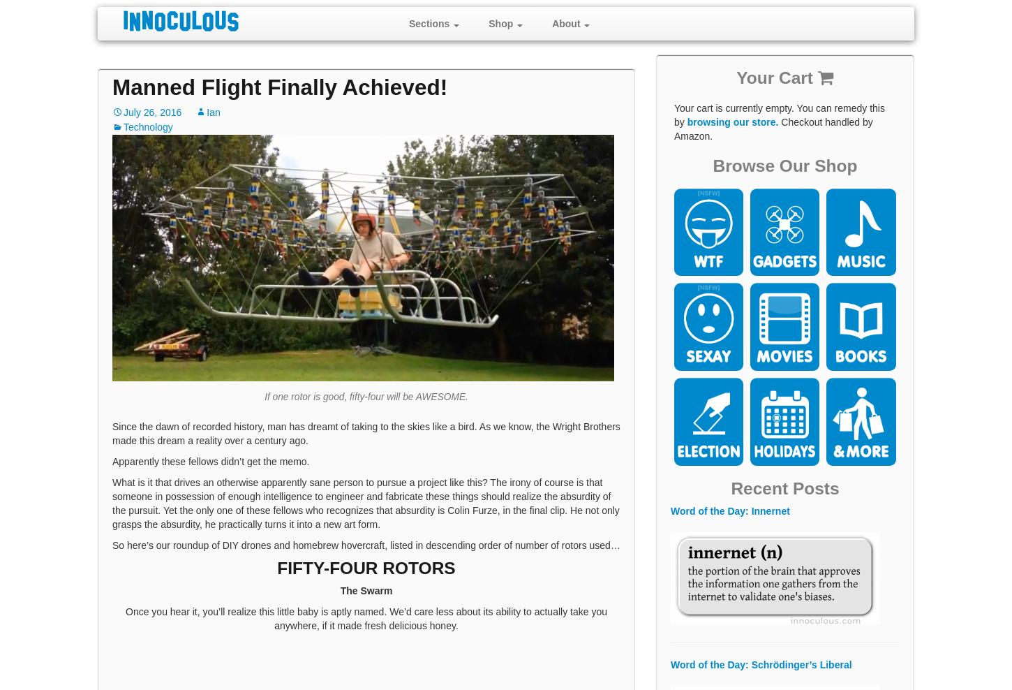 This screenshot has width=1012, height=690. What do you see at coordinates (366, 568) in the screenshot?
I see `'FIFTY-FOUR ROTORS'` at bounding box center [366, 568].